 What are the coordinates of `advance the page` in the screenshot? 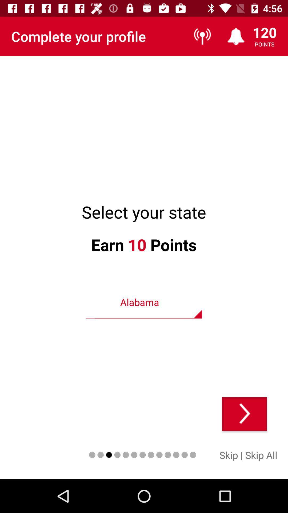 It's located at (244, 414).